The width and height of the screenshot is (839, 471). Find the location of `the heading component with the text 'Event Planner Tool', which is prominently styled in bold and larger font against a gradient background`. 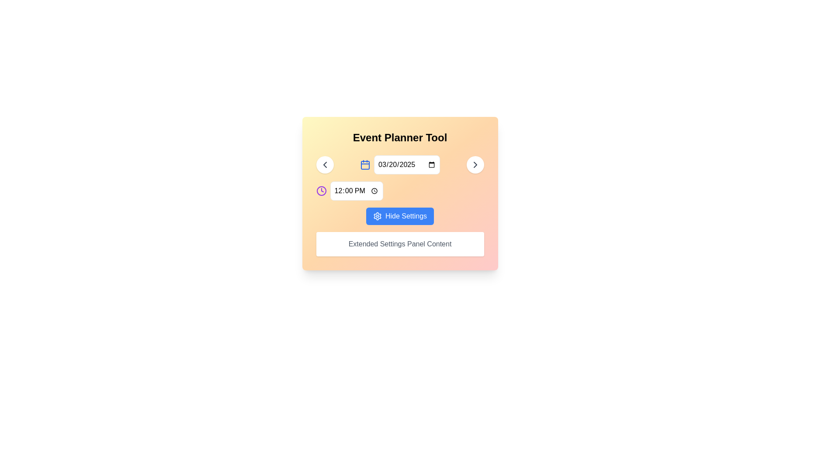

the heading component with the text 'Event Planner Tool', which is prominently styled in bold and larger font against a gradient background is located at coordinates (399, 137).